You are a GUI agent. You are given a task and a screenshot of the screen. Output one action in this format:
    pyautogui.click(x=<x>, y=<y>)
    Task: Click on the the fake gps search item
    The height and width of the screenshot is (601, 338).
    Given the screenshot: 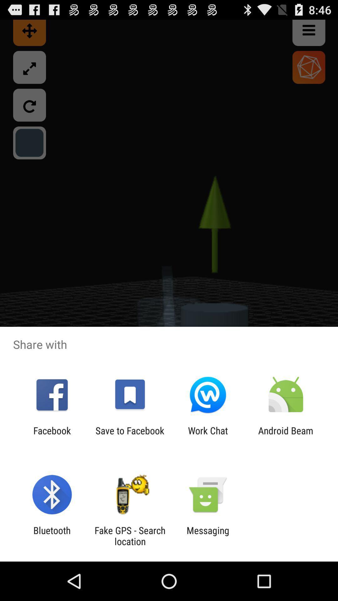 What is the action you would take?
    pyautogui.click(x=130, y=536)
    